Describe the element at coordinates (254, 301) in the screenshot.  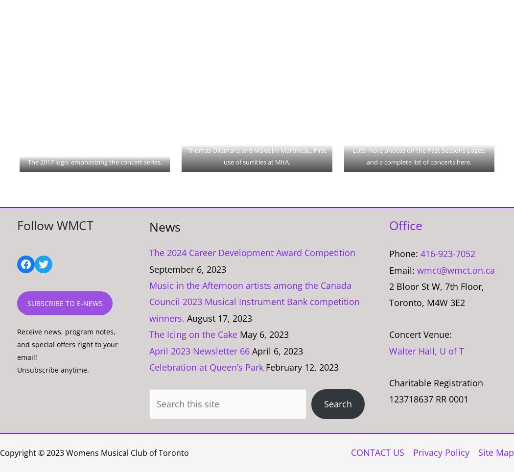
I see `'Music in the Afternoon artists among the Canada Council 2023 Musical Instrument Bank competition winners.'` at that location.